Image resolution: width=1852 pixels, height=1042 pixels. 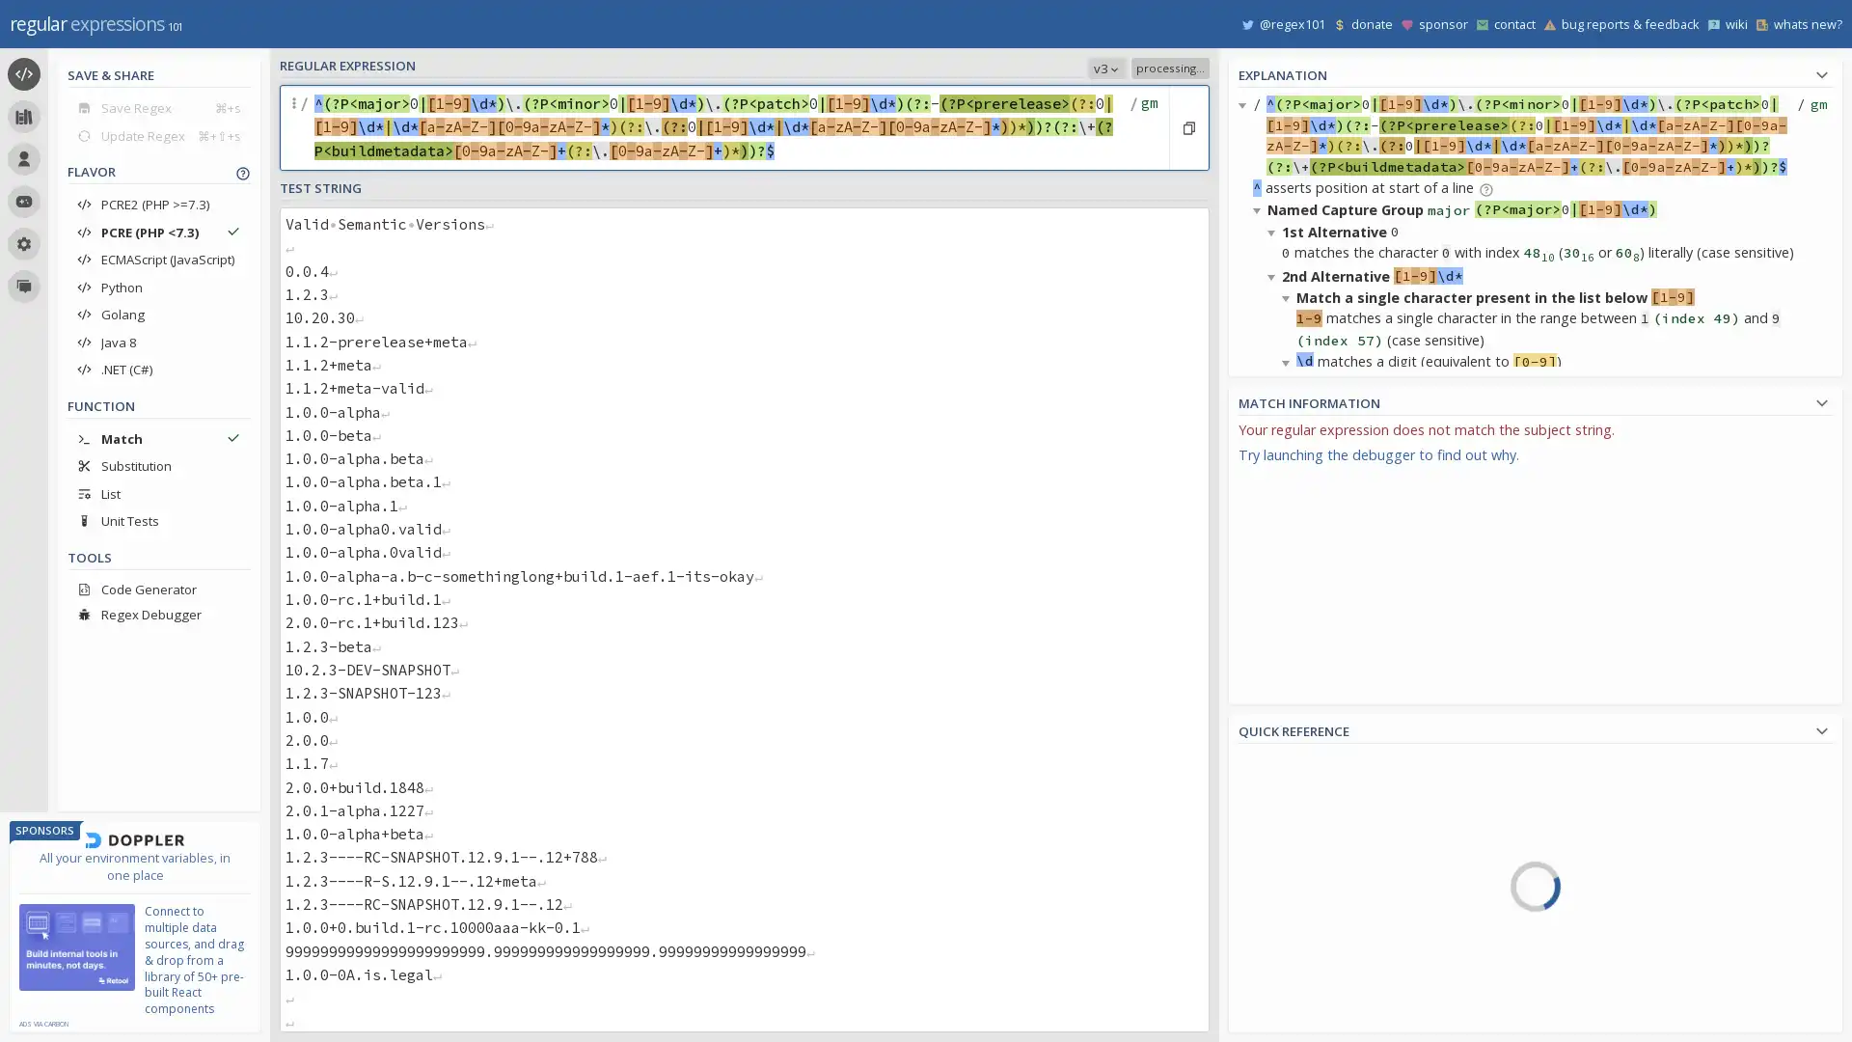 I want to click on Group patch, so click(x=1290, y=550).